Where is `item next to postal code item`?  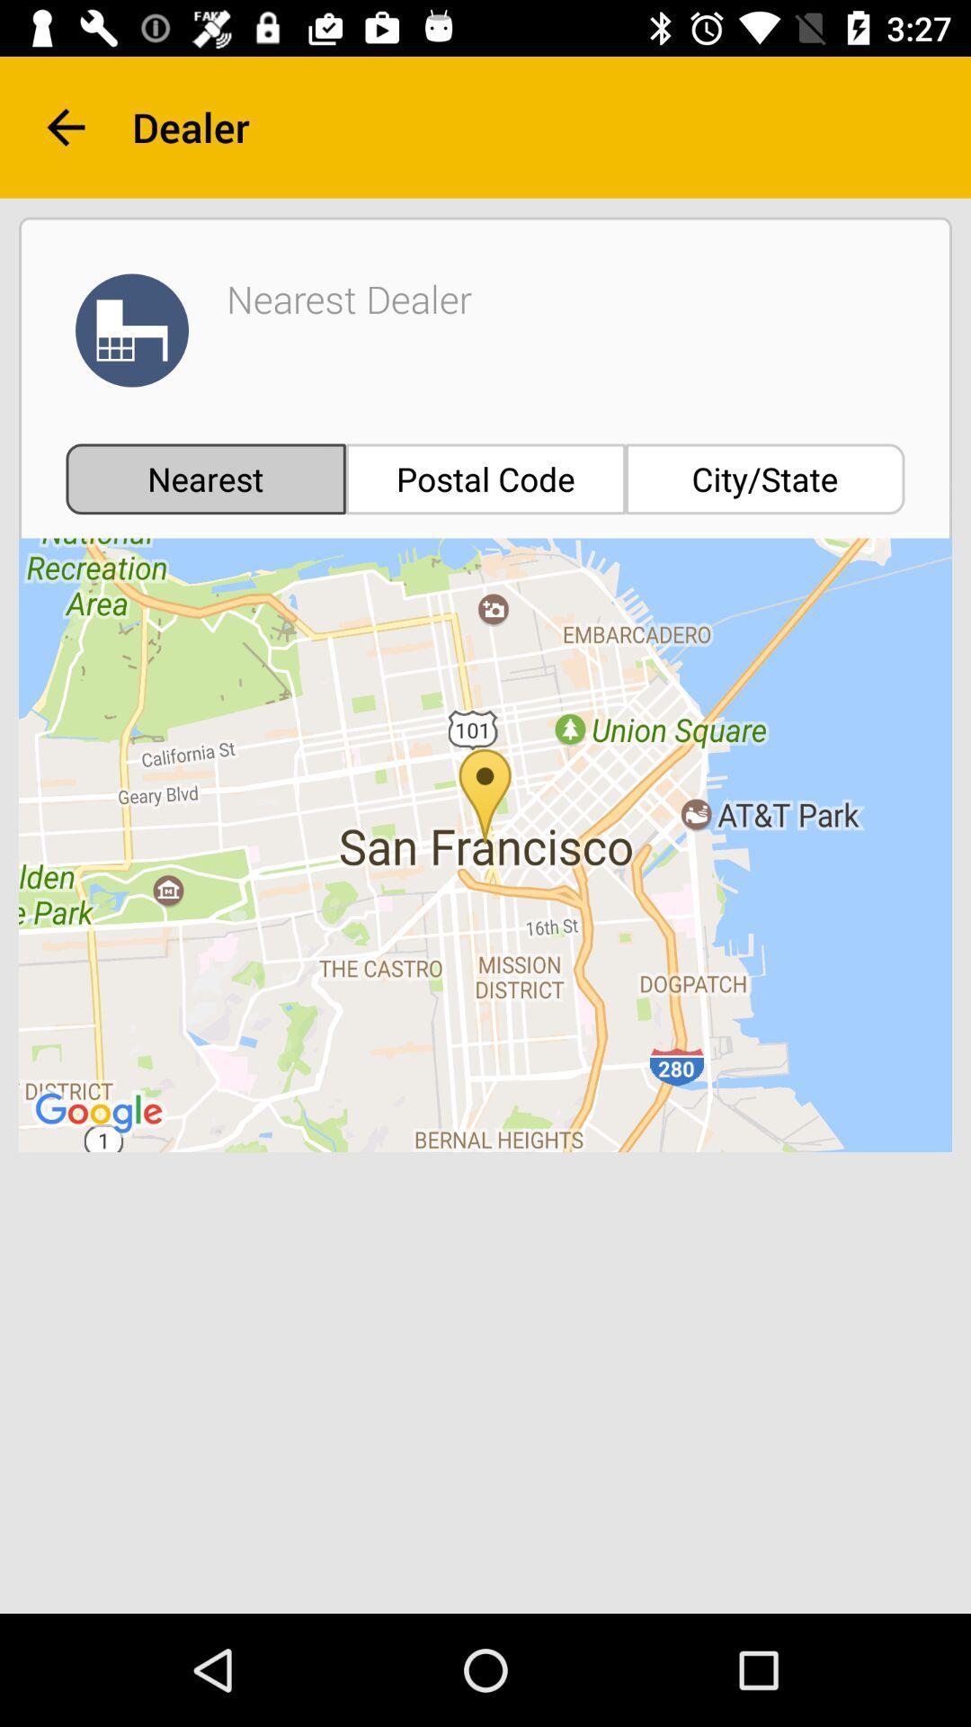 item next to postal code item is located at coordinates (765, 479).